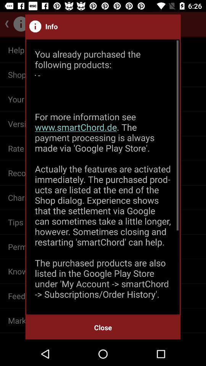  What do you see at coordinates (103, 327) in the screenshot?
I see `the close` at bounding box center [103, 327].